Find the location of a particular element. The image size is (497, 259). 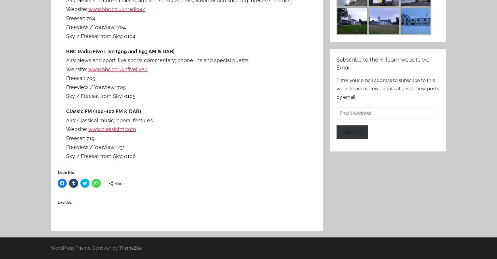

'Freeview / YouView: 705' is located at coordinates (96, 87).